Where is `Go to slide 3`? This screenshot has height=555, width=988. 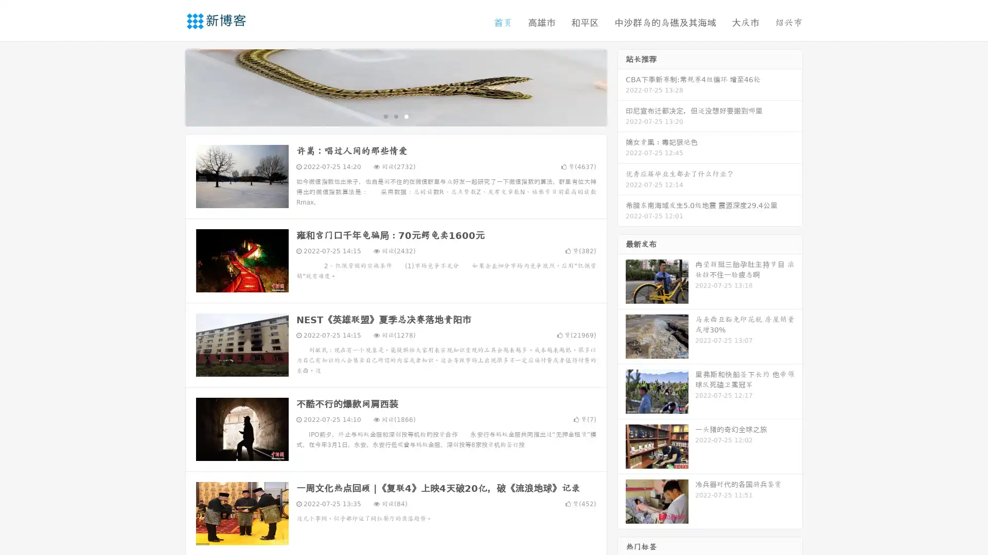 Go to slide 3 is located at coordinates (406, 116).